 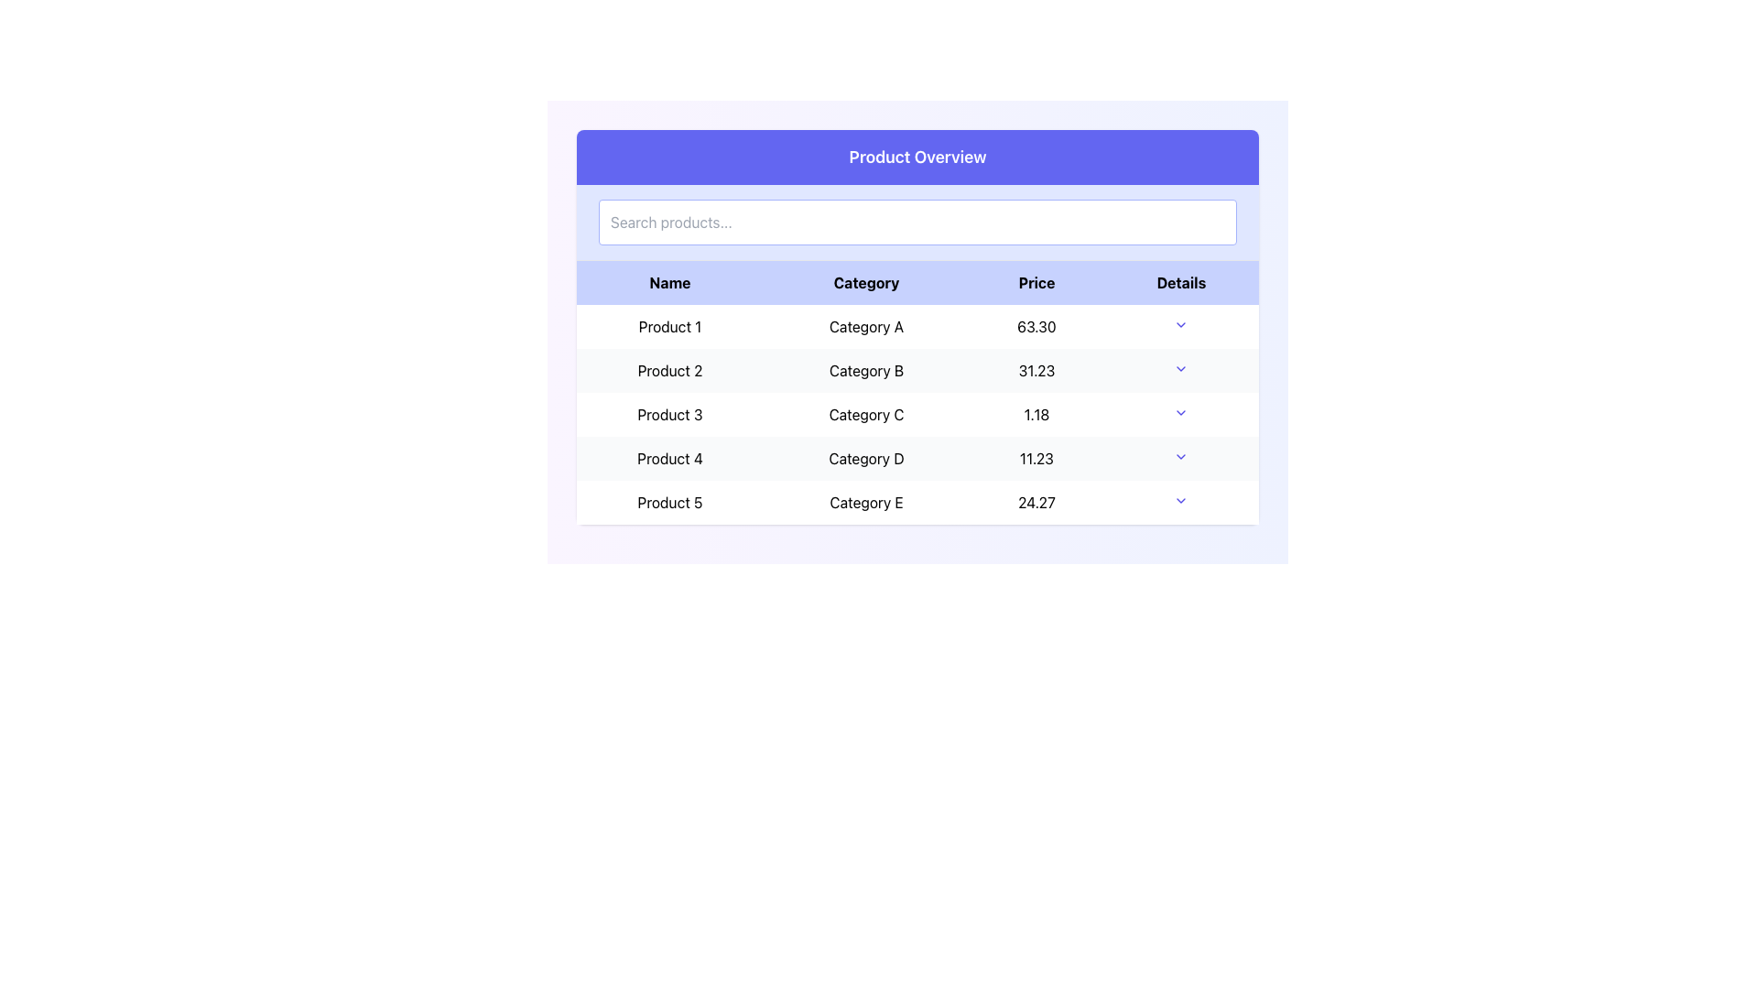 What do you see at coordinates (1181, 368) in the screenshot?
I see `the Dropdown Toggle or Chevron Icon in the 'Details' column of the second row` at bounding box center [1181, 368].